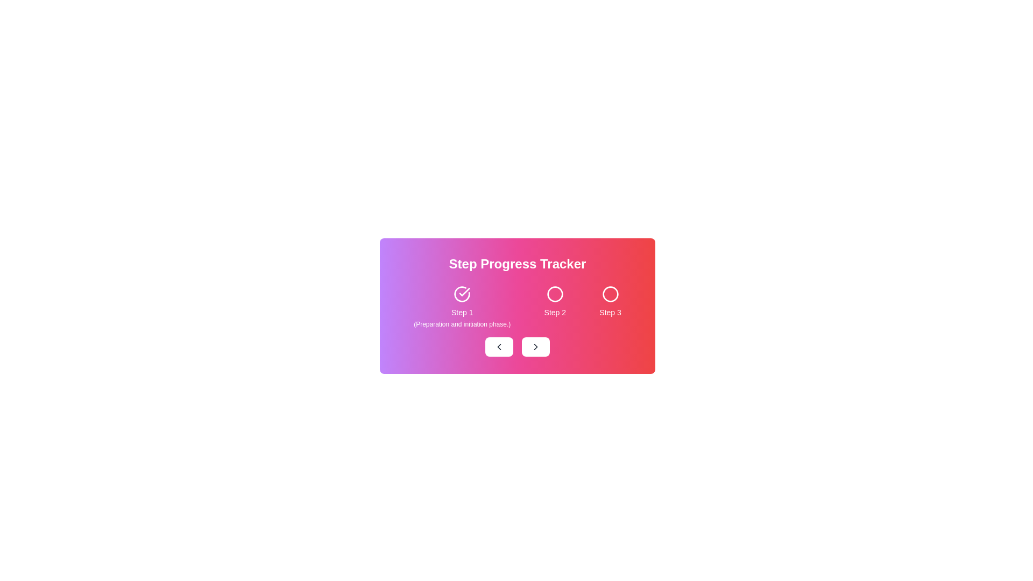  I want to click on the navigation chevron icon located in the bottom-right corner of the rounded rectangle button, so click(536, 346).